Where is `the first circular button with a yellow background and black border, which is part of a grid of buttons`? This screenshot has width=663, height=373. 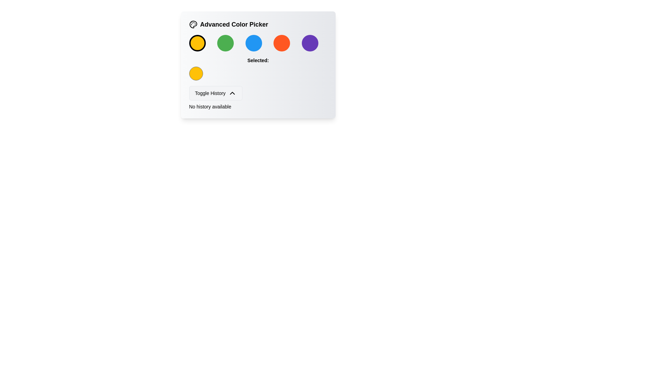 the first circular button with a yellow background and black border, which is part of a grid of buttons is located at coordinates (197, 43).